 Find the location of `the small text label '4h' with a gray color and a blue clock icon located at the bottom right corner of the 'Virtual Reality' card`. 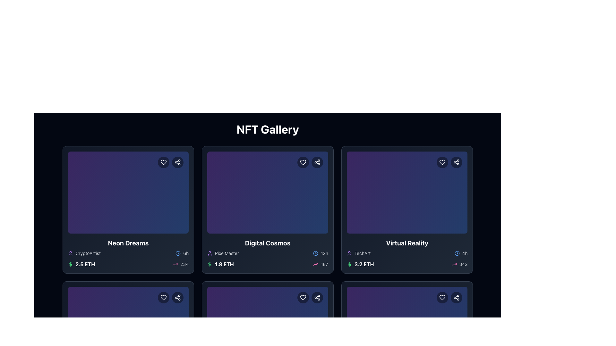

the small text label '4h' with a gray color and a blue clock icon located at the bottom right corner of the 'Virtual Reality' card is located at coordinates (460, 253).